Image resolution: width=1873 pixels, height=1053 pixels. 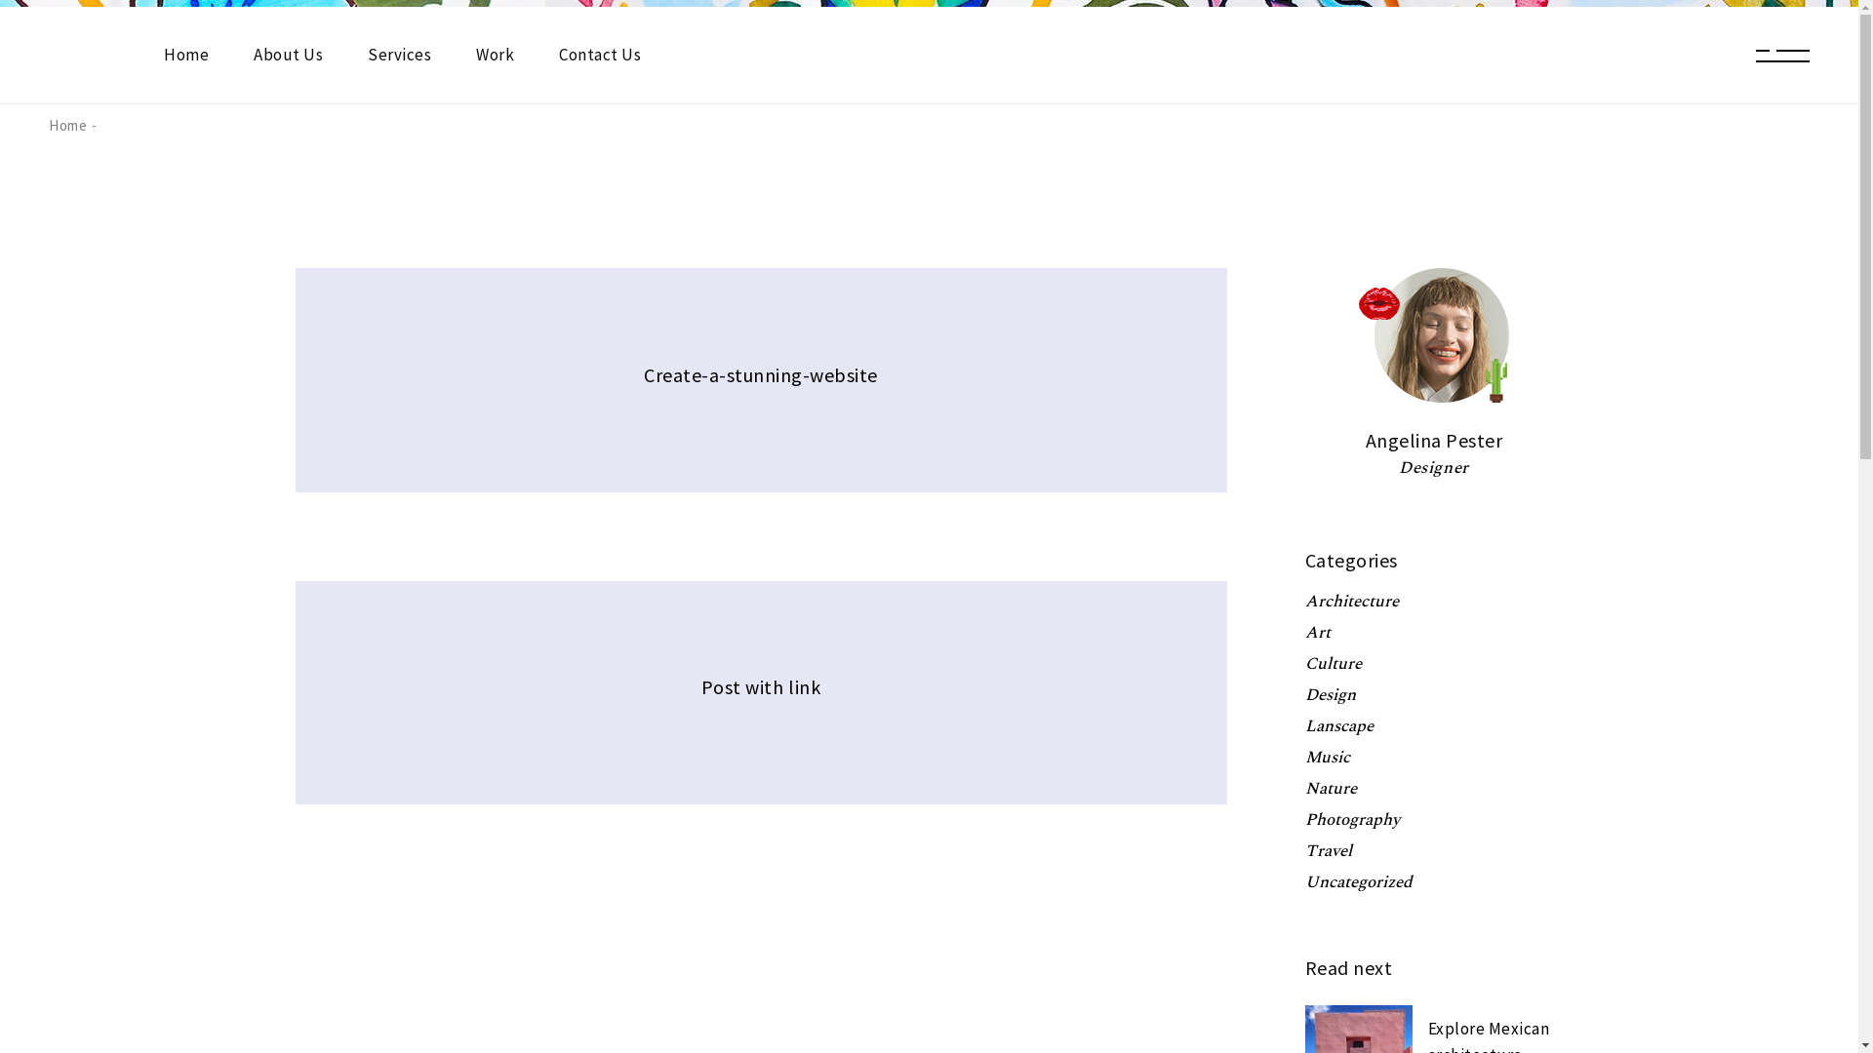 I want to click on 'Nature', so click(x=1305, y=788).